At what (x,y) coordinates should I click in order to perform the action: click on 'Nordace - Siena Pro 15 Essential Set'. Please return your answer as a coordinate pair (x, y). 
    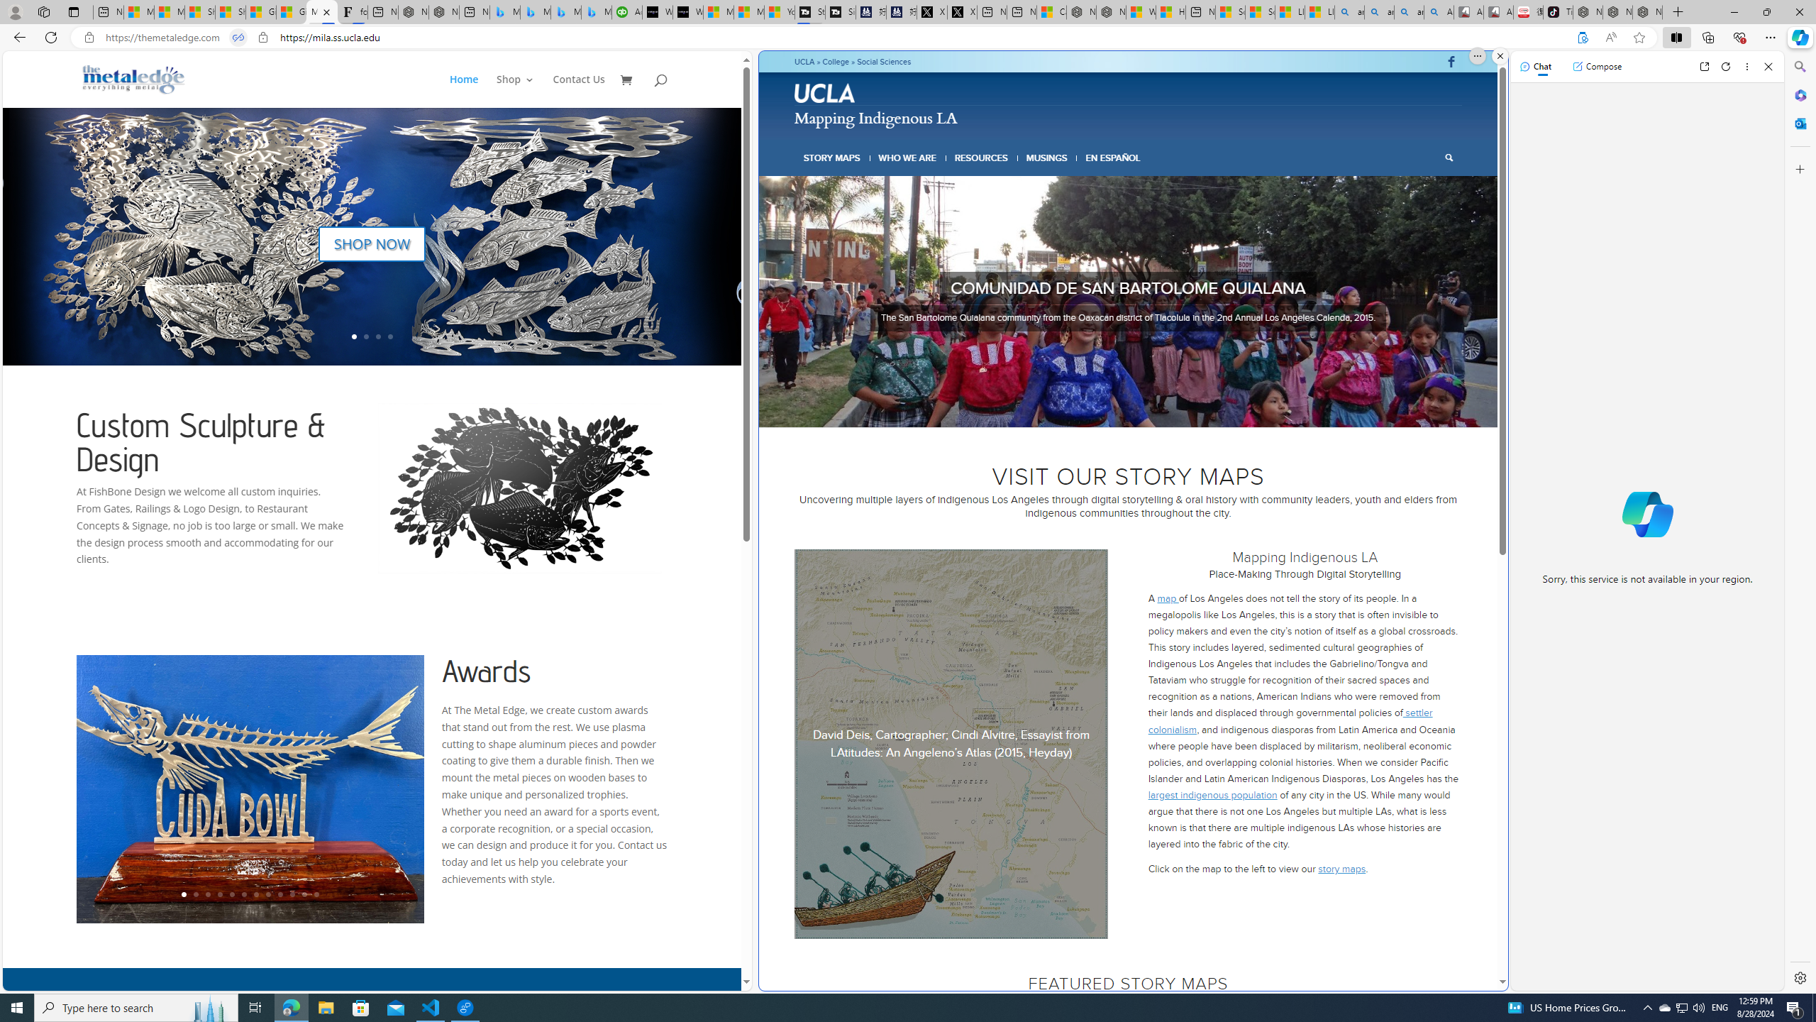
    Looking at the image, I should click on (1648, 11).